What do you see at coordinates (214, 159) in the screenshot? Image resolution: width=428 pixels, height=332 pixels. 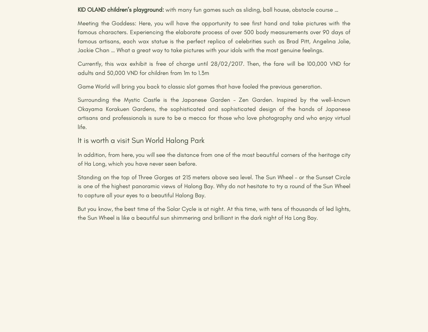 I see `'In addition, from here, you will see the distance from one of the most beautiful corners of the heritage city of Ha Long, which you have never seen before.'` at bounding box center [214, 159].